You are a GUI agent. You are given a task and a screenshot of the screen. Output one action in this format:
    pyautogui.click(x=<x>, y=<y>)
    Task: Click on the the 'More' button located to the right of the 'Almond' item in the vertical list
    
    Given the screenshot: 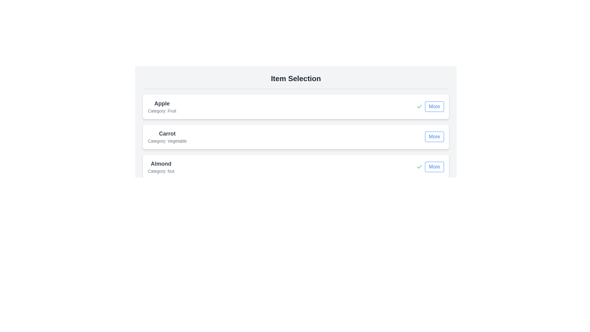 What is the action you would take?
    pyautogui.click(x=434, y=167)
    